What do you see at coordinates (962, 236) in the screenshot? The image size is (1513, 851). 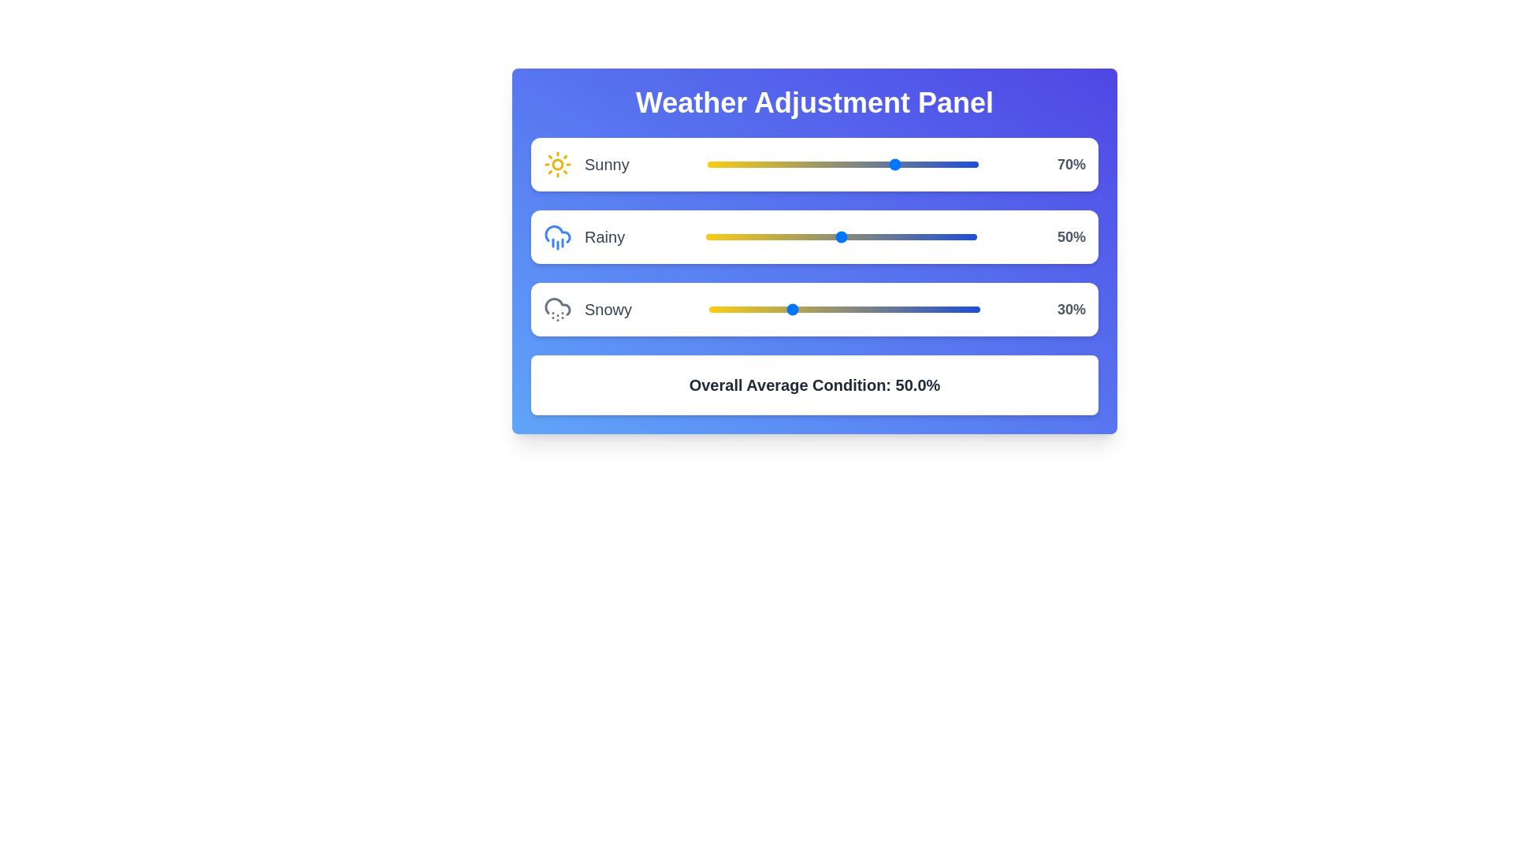 I see `the 'rainy' condition percentage` at bounding box center [962, 236].